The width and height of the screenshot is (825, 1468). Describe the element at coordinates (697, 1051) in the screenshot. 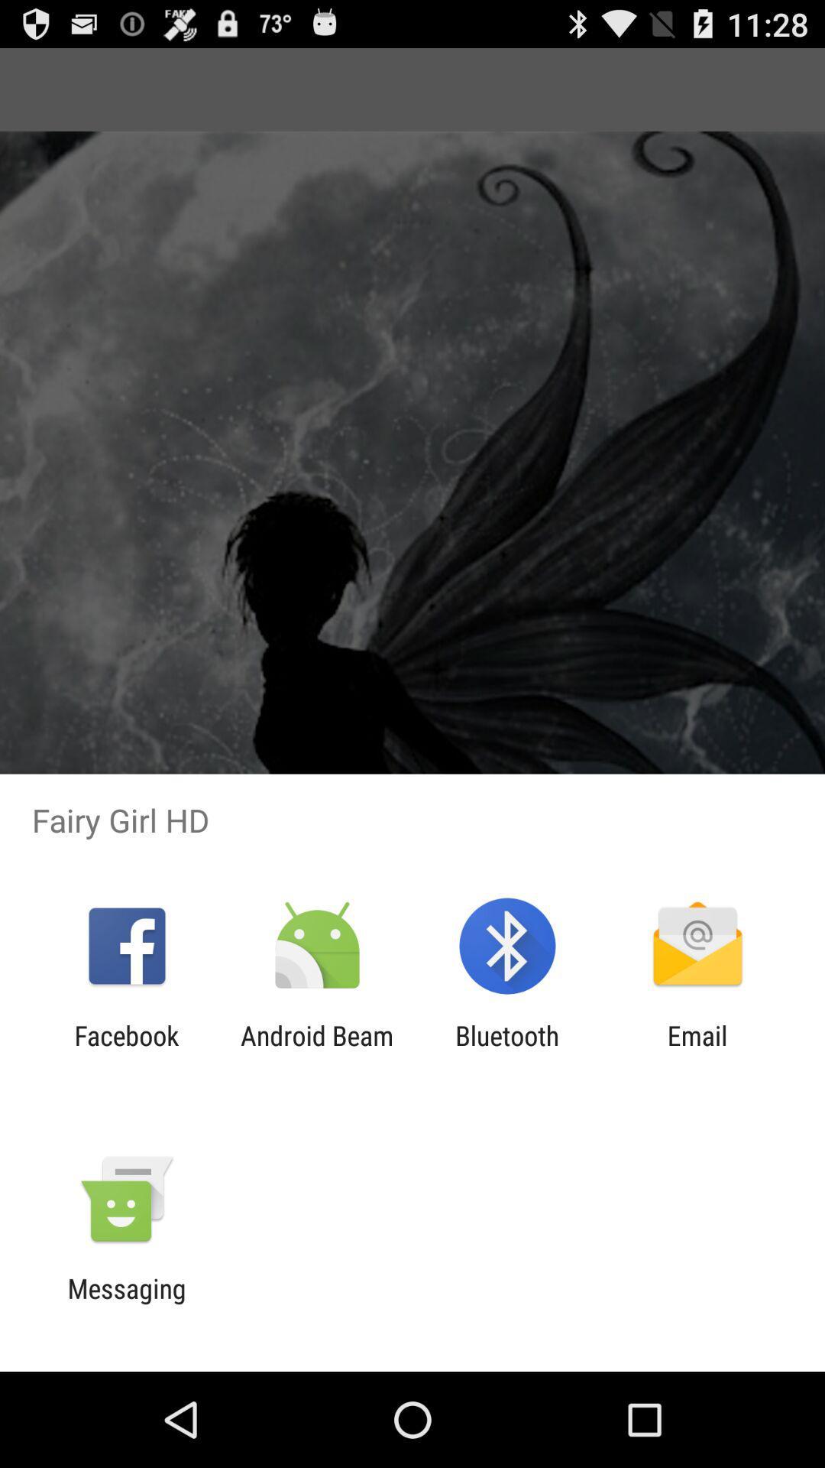

I see `icon to the right of the bluetooth` at that location.